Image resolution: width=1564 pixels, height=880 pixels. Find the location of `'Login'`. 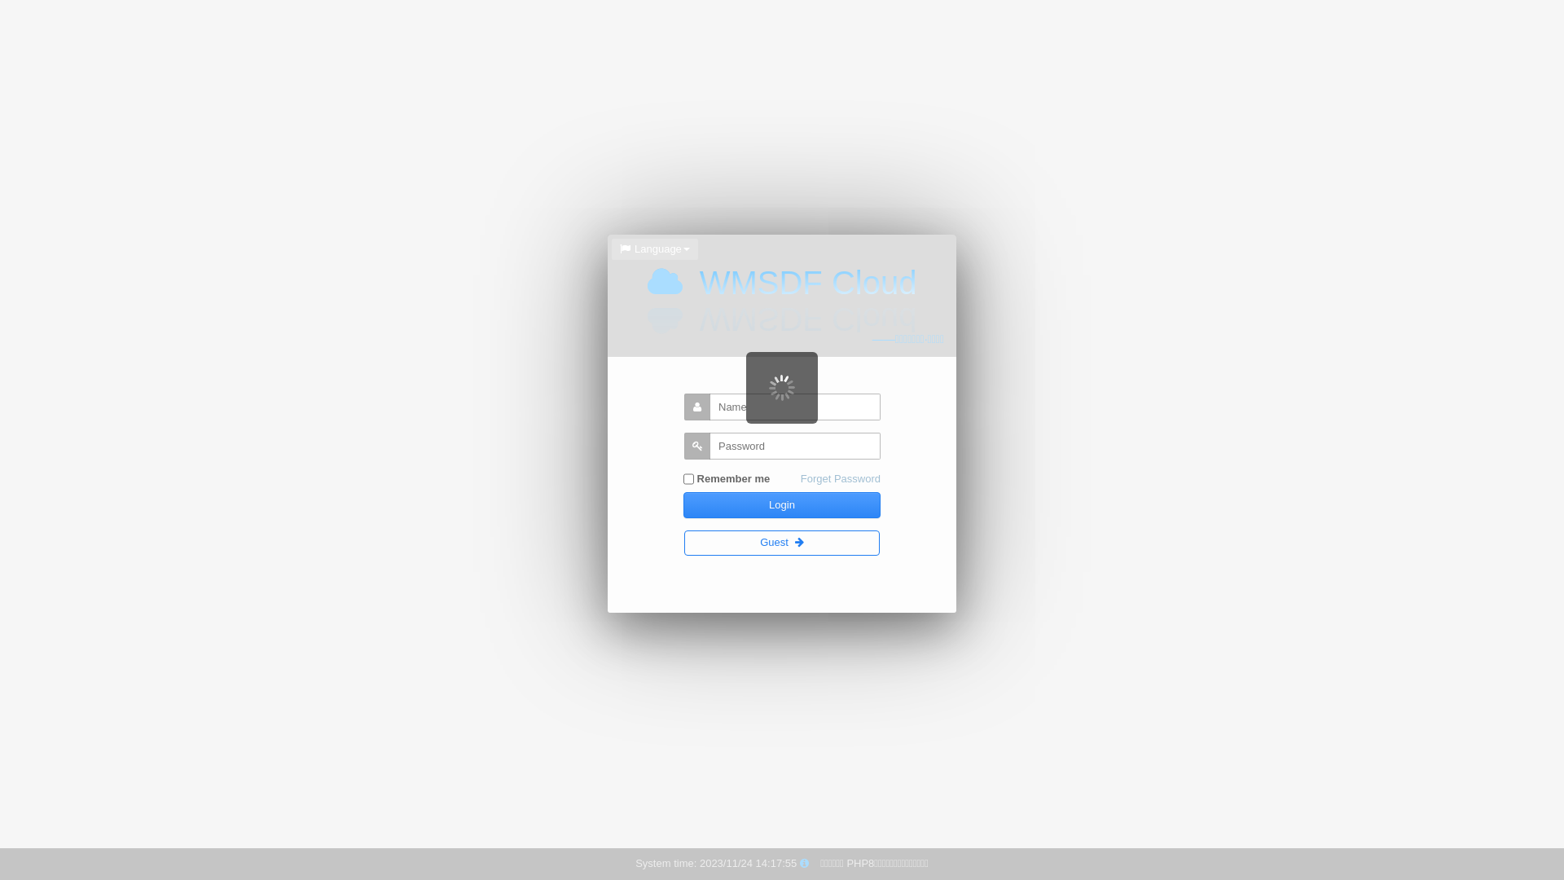

'Login' is located at coordinates (782, 504).